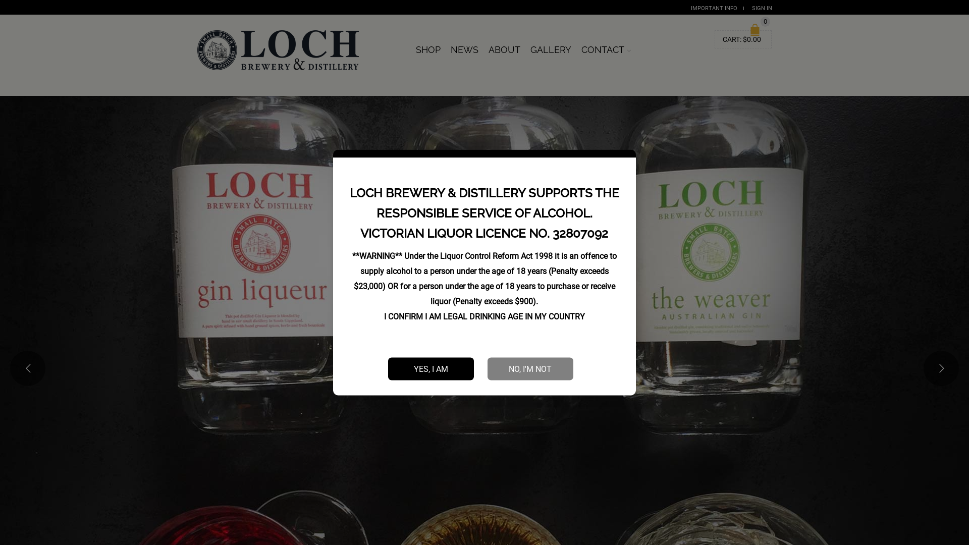 The image size is (969, 545). Describe the element at coordinates (504, 50) in the screenshot. I see `'ABOUT'` at that location.